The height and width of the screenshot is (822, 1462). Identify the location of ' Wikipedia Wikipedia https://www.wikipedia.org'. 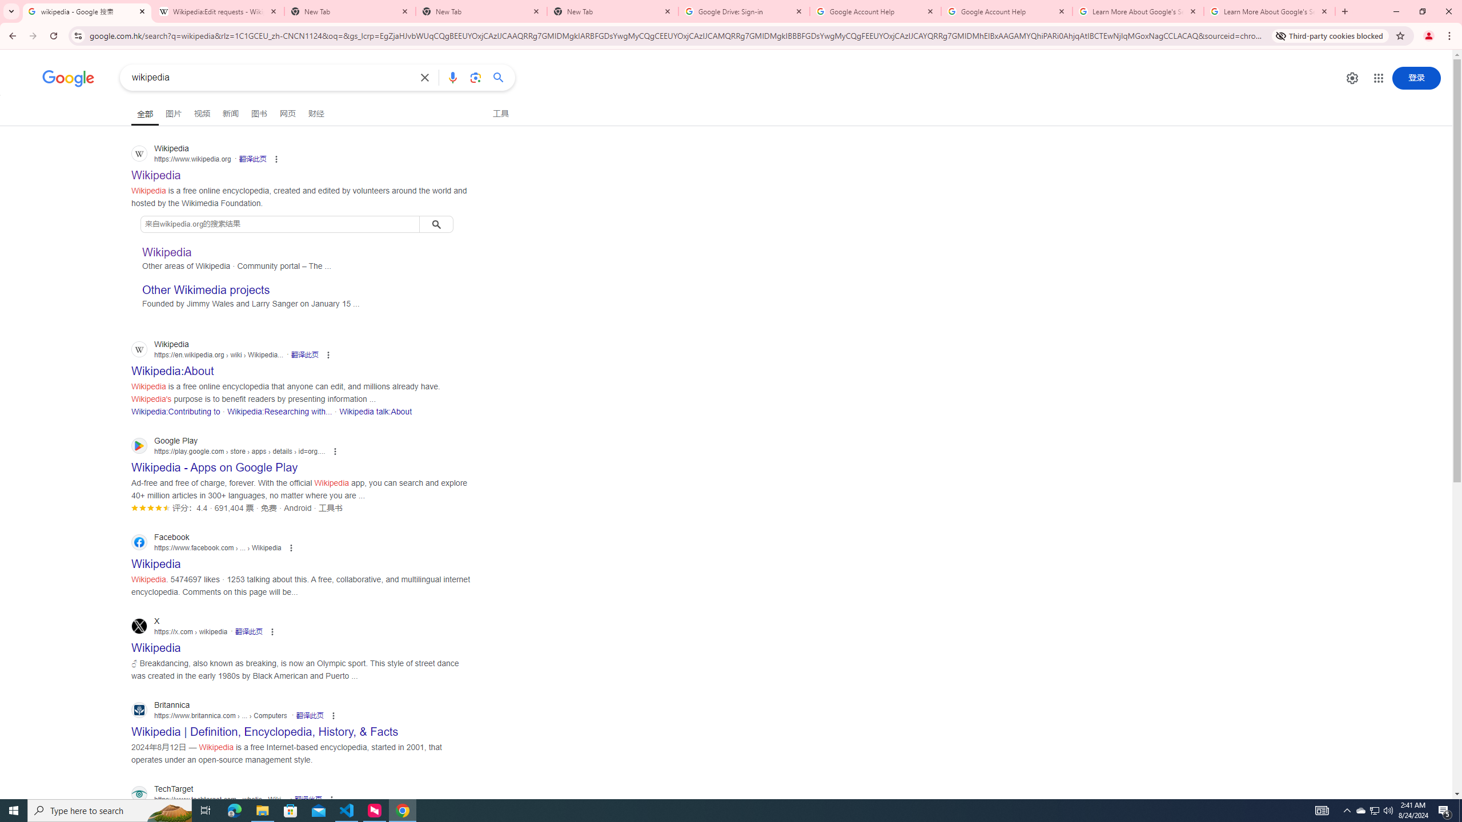
(156, 171).